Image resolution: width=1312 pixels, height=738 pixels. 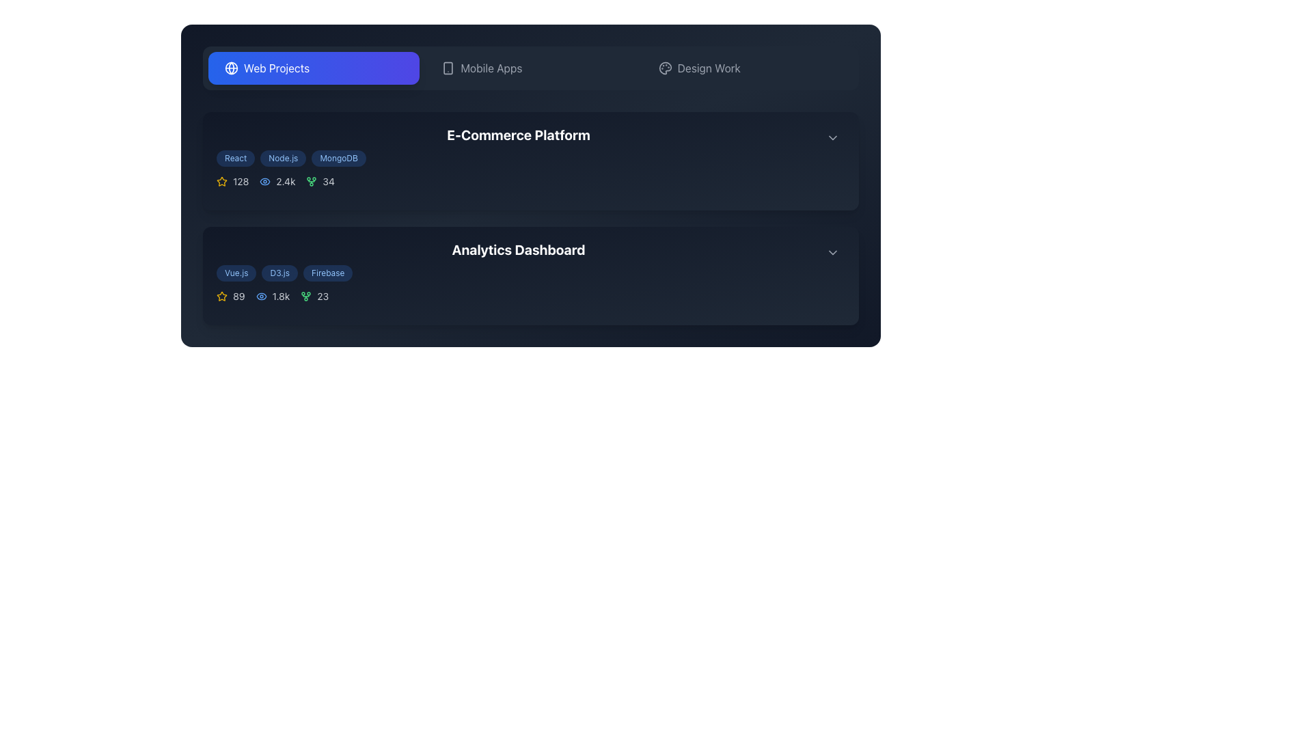 I want to click on the Icon and Text Pair that represents the number of branches or forks, so click(x=320, y=181).